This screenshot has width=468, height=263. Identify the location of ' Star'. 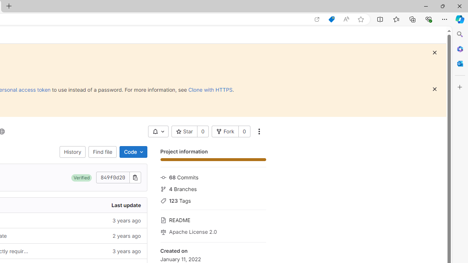
(184, 131).